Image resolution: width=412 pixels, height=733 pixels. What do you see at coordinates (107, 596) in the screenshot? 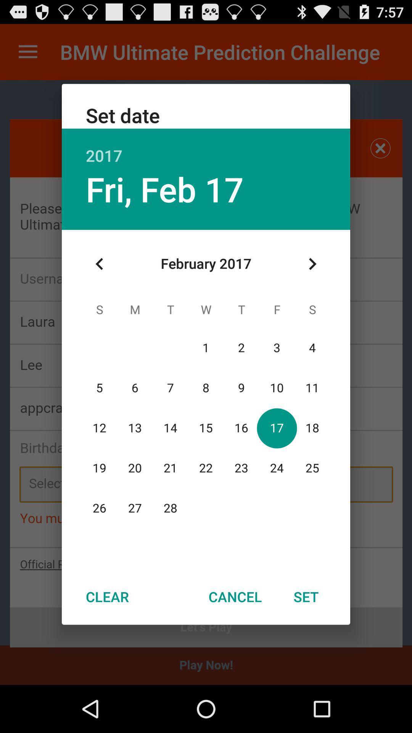
I see `the clear icon` at bounding box center [107, 596].